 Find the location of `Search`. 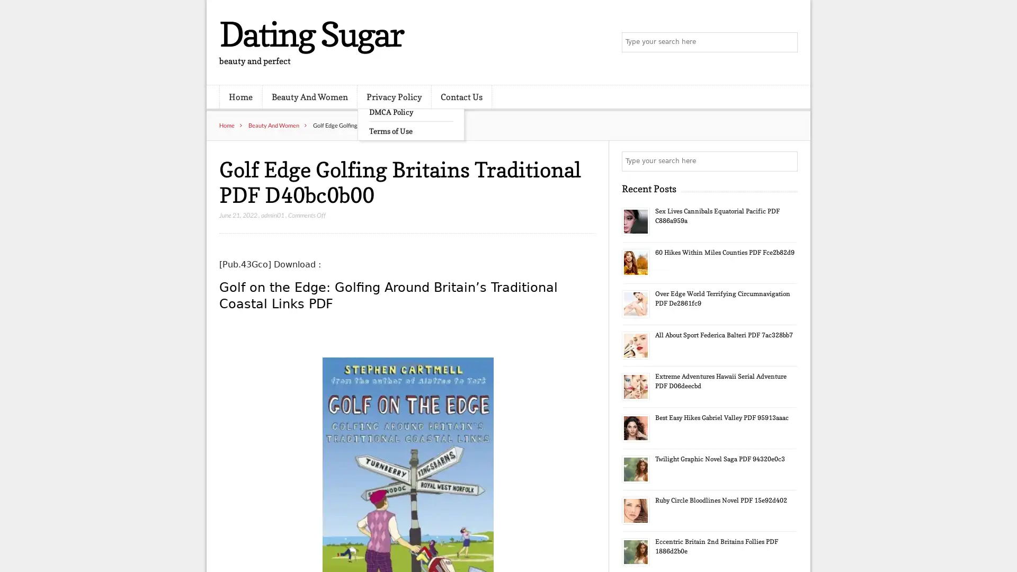

Search is located at coordinates (787, 42).